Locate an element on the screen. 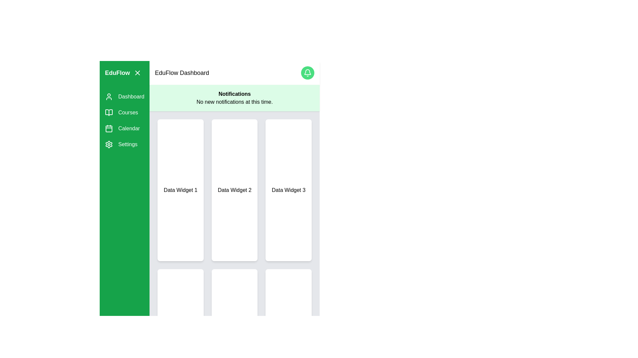 Image resolution: width=638 pixels, height=358 pixels. the static informational box that displays the current notification status, located directly below the 'EduFlow Dashboard' header and above the data widgets grid is located at coordinates (235, 98).